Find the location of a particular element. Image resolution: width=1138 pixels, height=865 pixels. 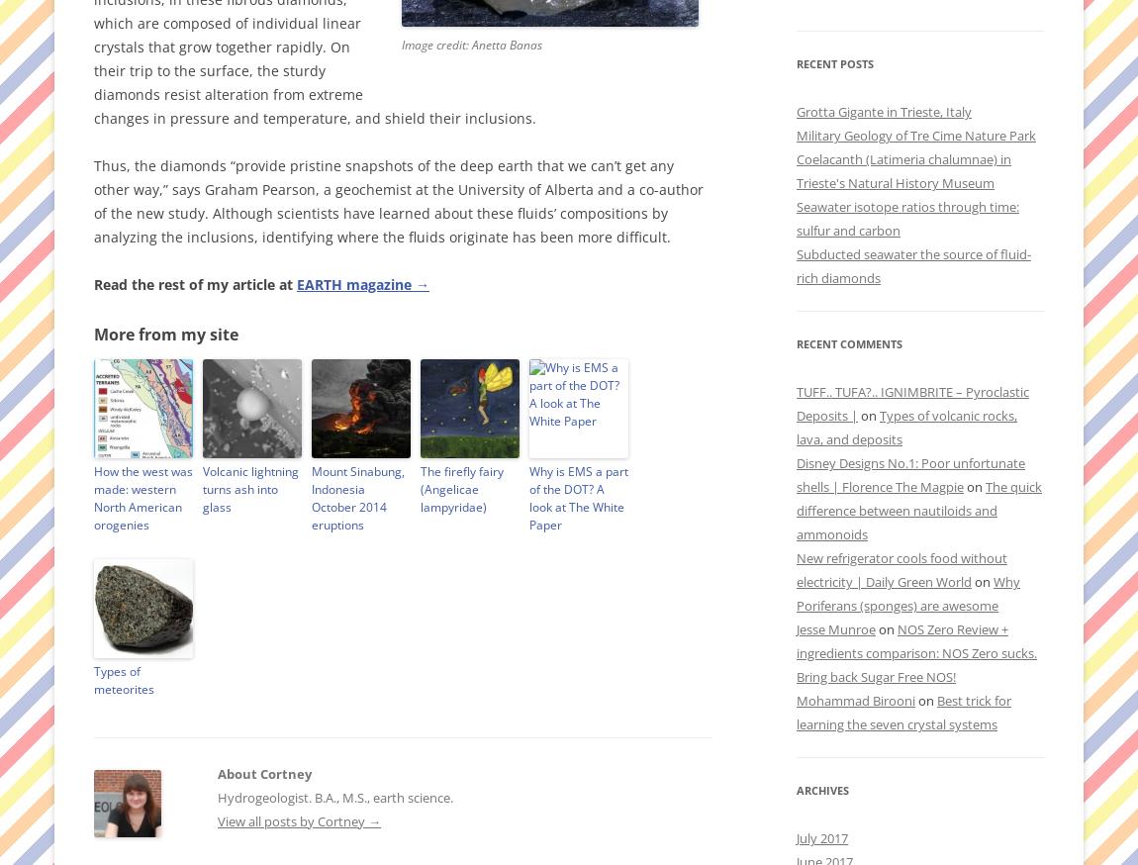

'Types of volcanic rocks, lava, and deposits' is located at coordinates (906, 428).